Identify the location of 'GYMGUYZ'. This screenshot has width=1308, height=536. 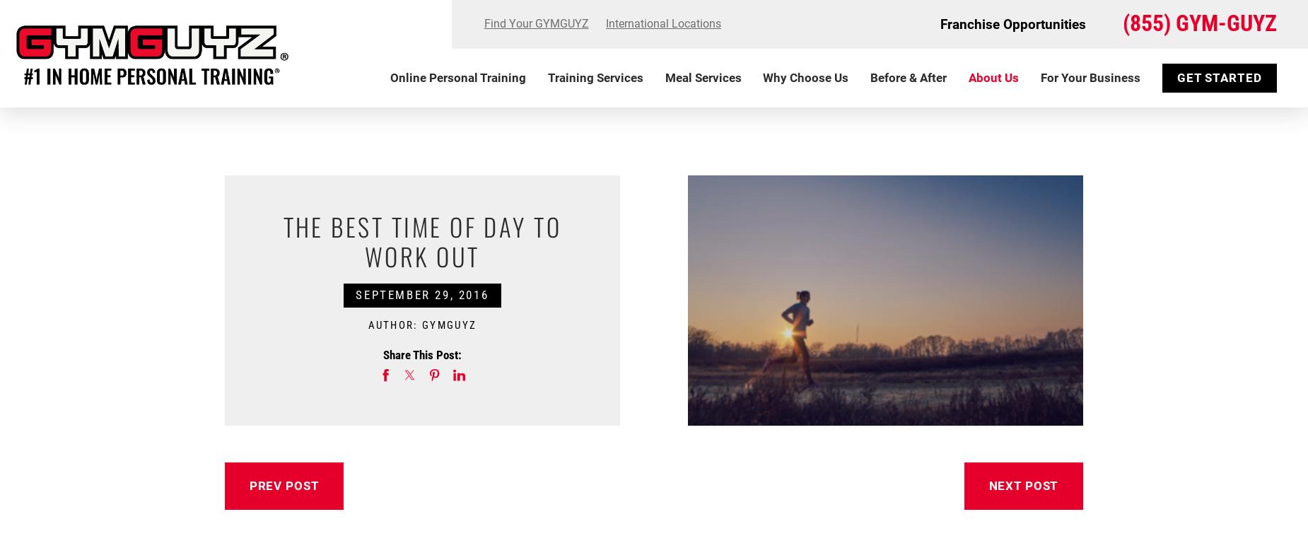
(449, 323).